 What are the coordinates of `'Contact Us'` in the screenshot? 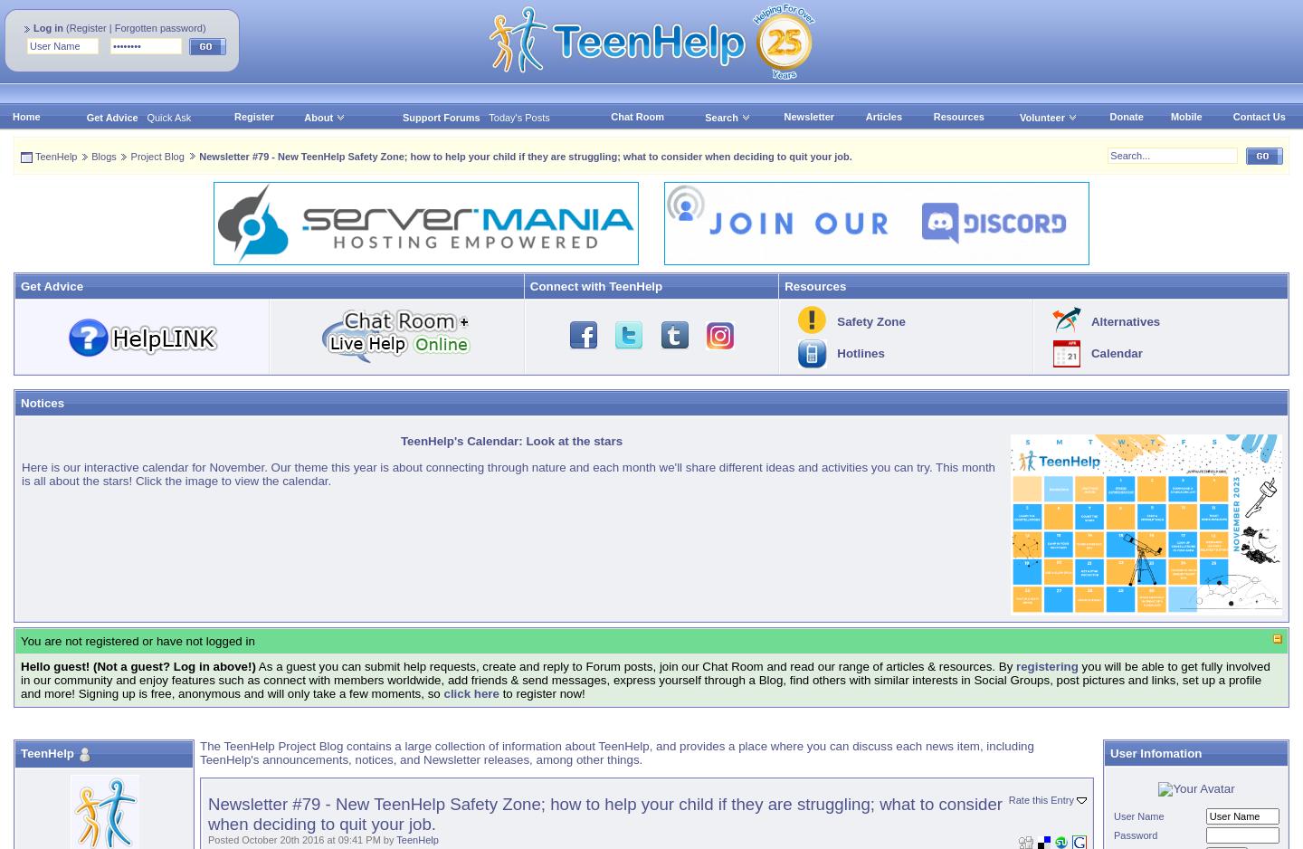 It's located at (1259, 115).